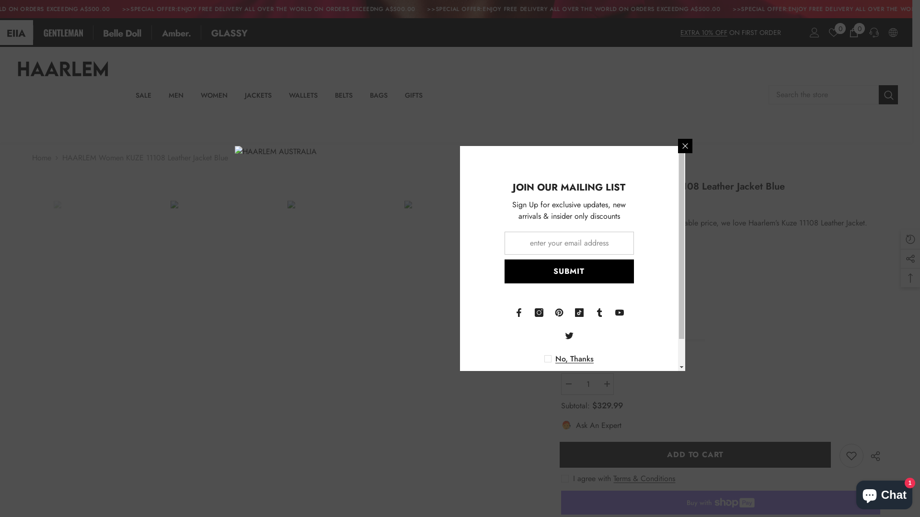 The width and height of the screenshot is (920, 517). Describe the element at coordinates (892, 32) in the screenshot. I see `'Language Currency'` at that location.